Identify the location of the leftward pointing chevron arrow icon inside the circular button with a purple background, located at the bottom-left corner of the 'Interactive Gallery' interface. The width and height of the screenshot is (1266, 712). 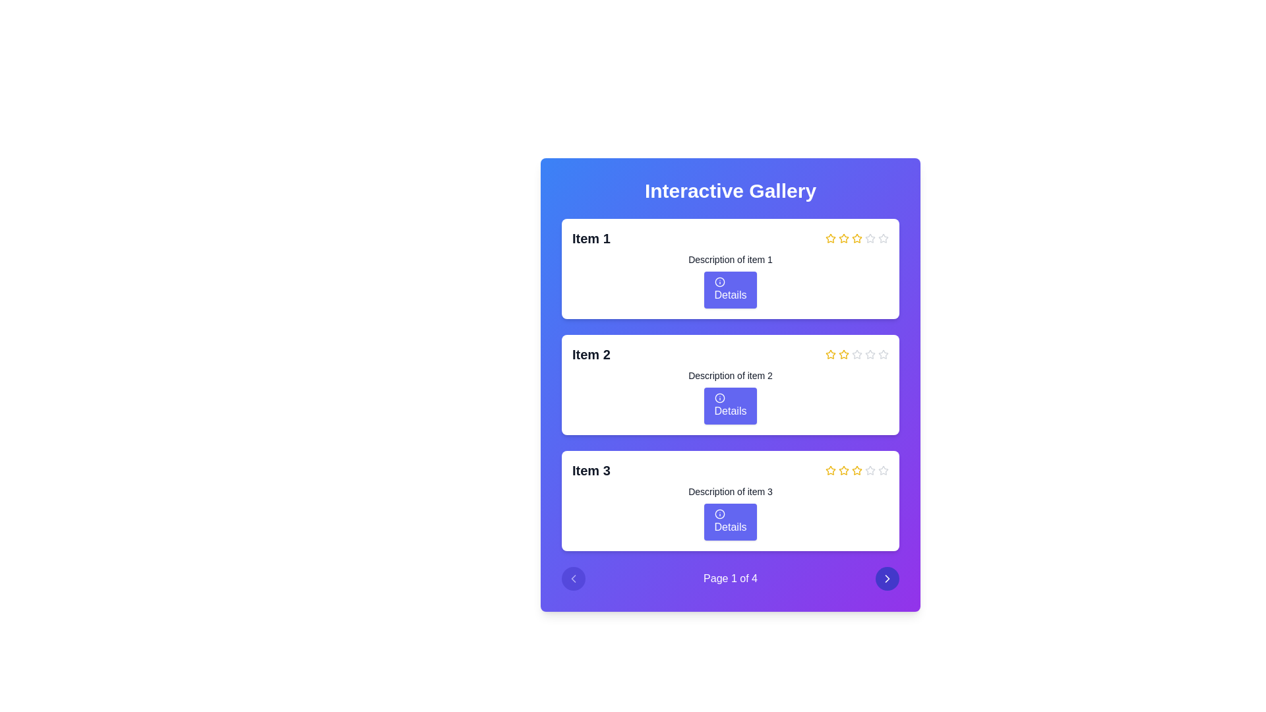
(573, 578).